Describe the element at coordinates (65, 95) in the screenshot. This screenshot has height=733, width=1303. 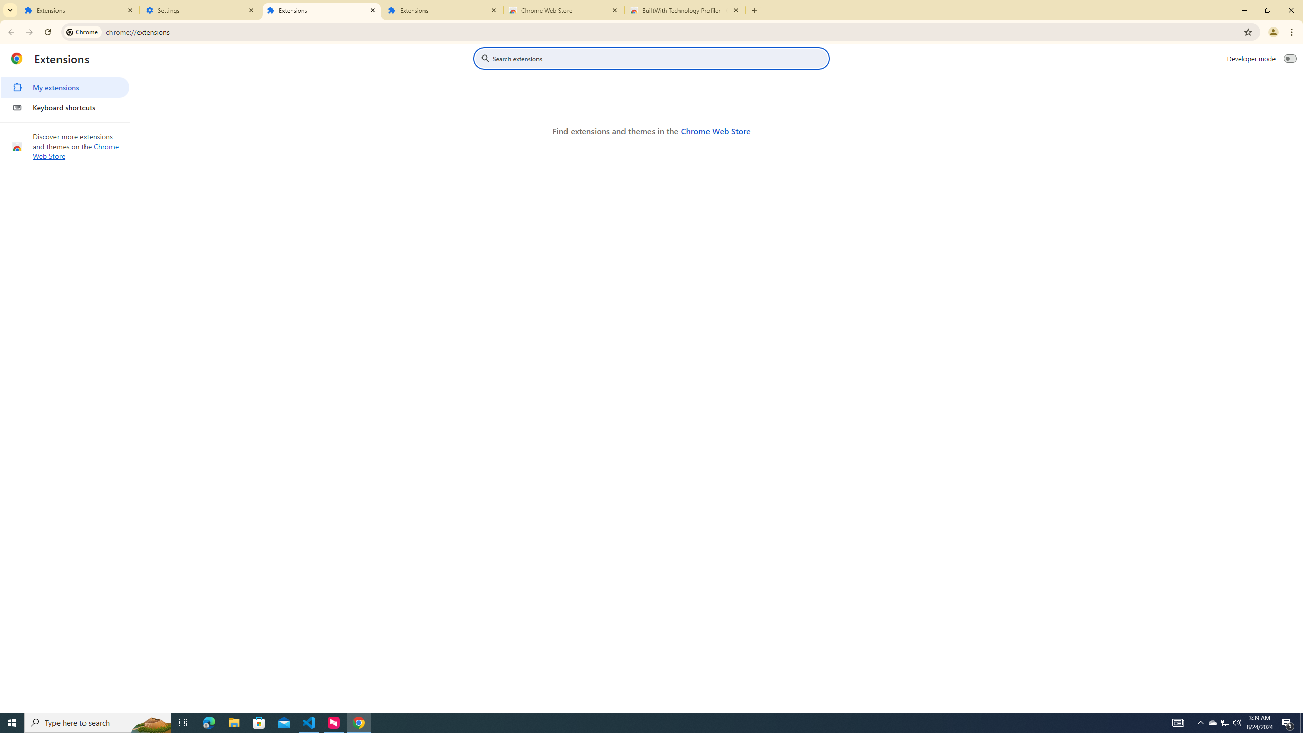
I see `'AutomationID: sectionMenu'` at that location.